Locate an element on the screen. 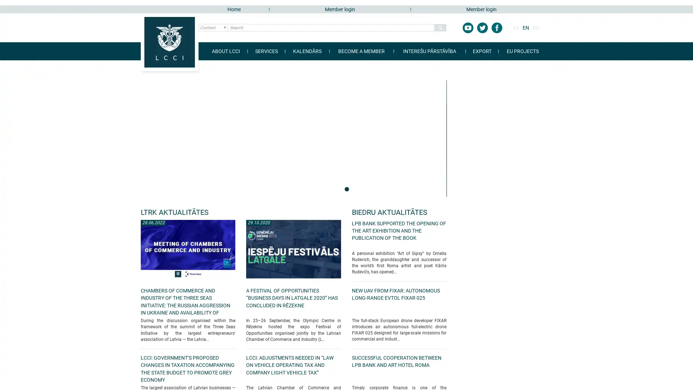 The image size is (693, 390). Search is located at coordinates (440, 27).